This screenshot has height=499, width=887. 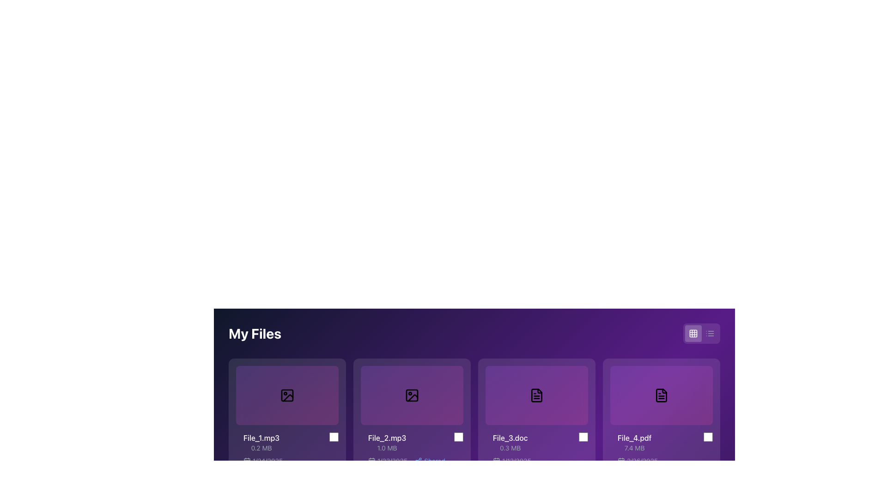 What do you see at coordinates (634, 447) in the screenshot?
I see `text value '7.4 MB' from the gray, small-font label located beneath the file name in the card labeled 'File_4.pdf', positioned in the fourth place among similar cards` at bounding box center [634, 447].